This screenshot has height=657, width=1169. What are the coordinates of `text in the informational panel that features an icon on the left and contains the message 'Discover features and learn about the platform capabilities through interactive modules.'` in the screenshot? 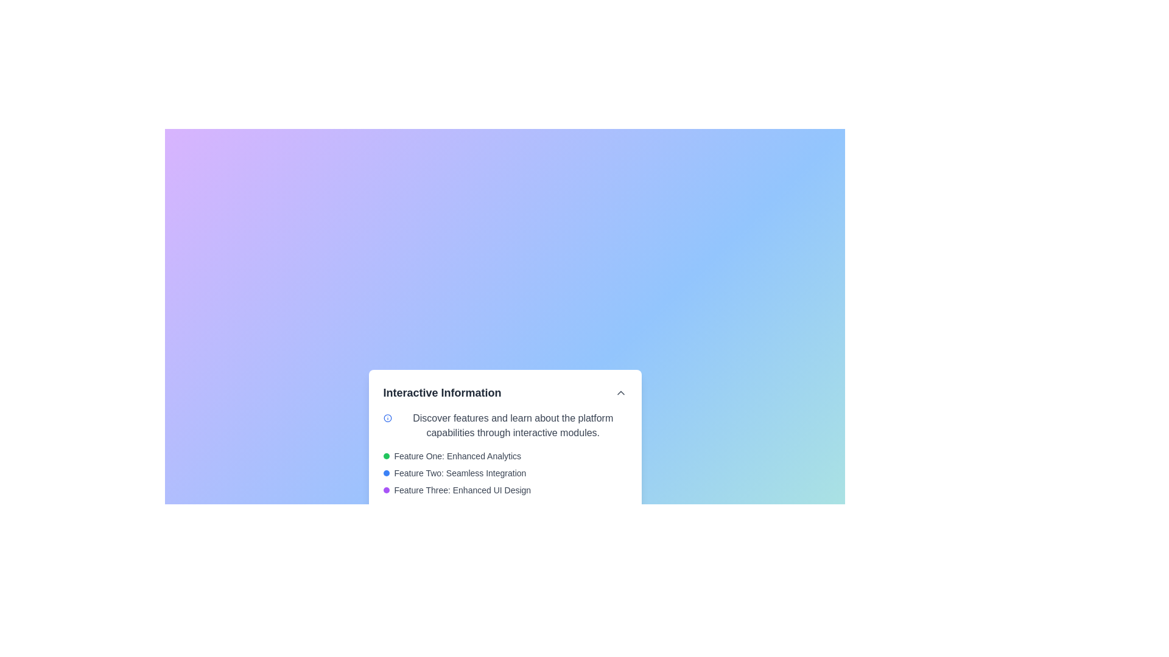 It's located at (505, 425).